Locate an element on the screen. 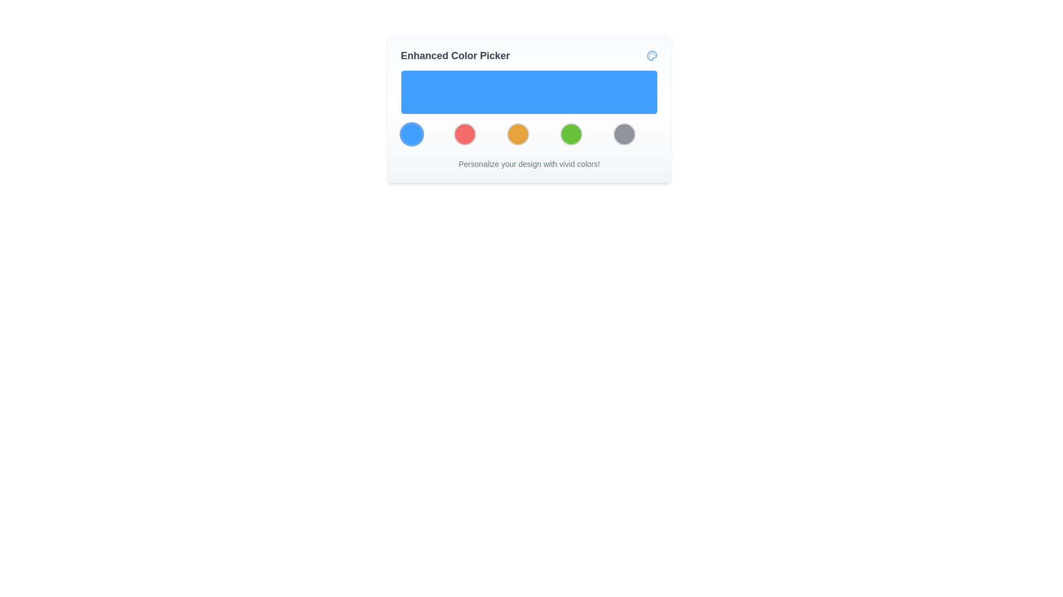 The image size is (1063, 597). the third circular color selection button in the row, which is located between the orange and green buttons is located at coordinates (528, 134).